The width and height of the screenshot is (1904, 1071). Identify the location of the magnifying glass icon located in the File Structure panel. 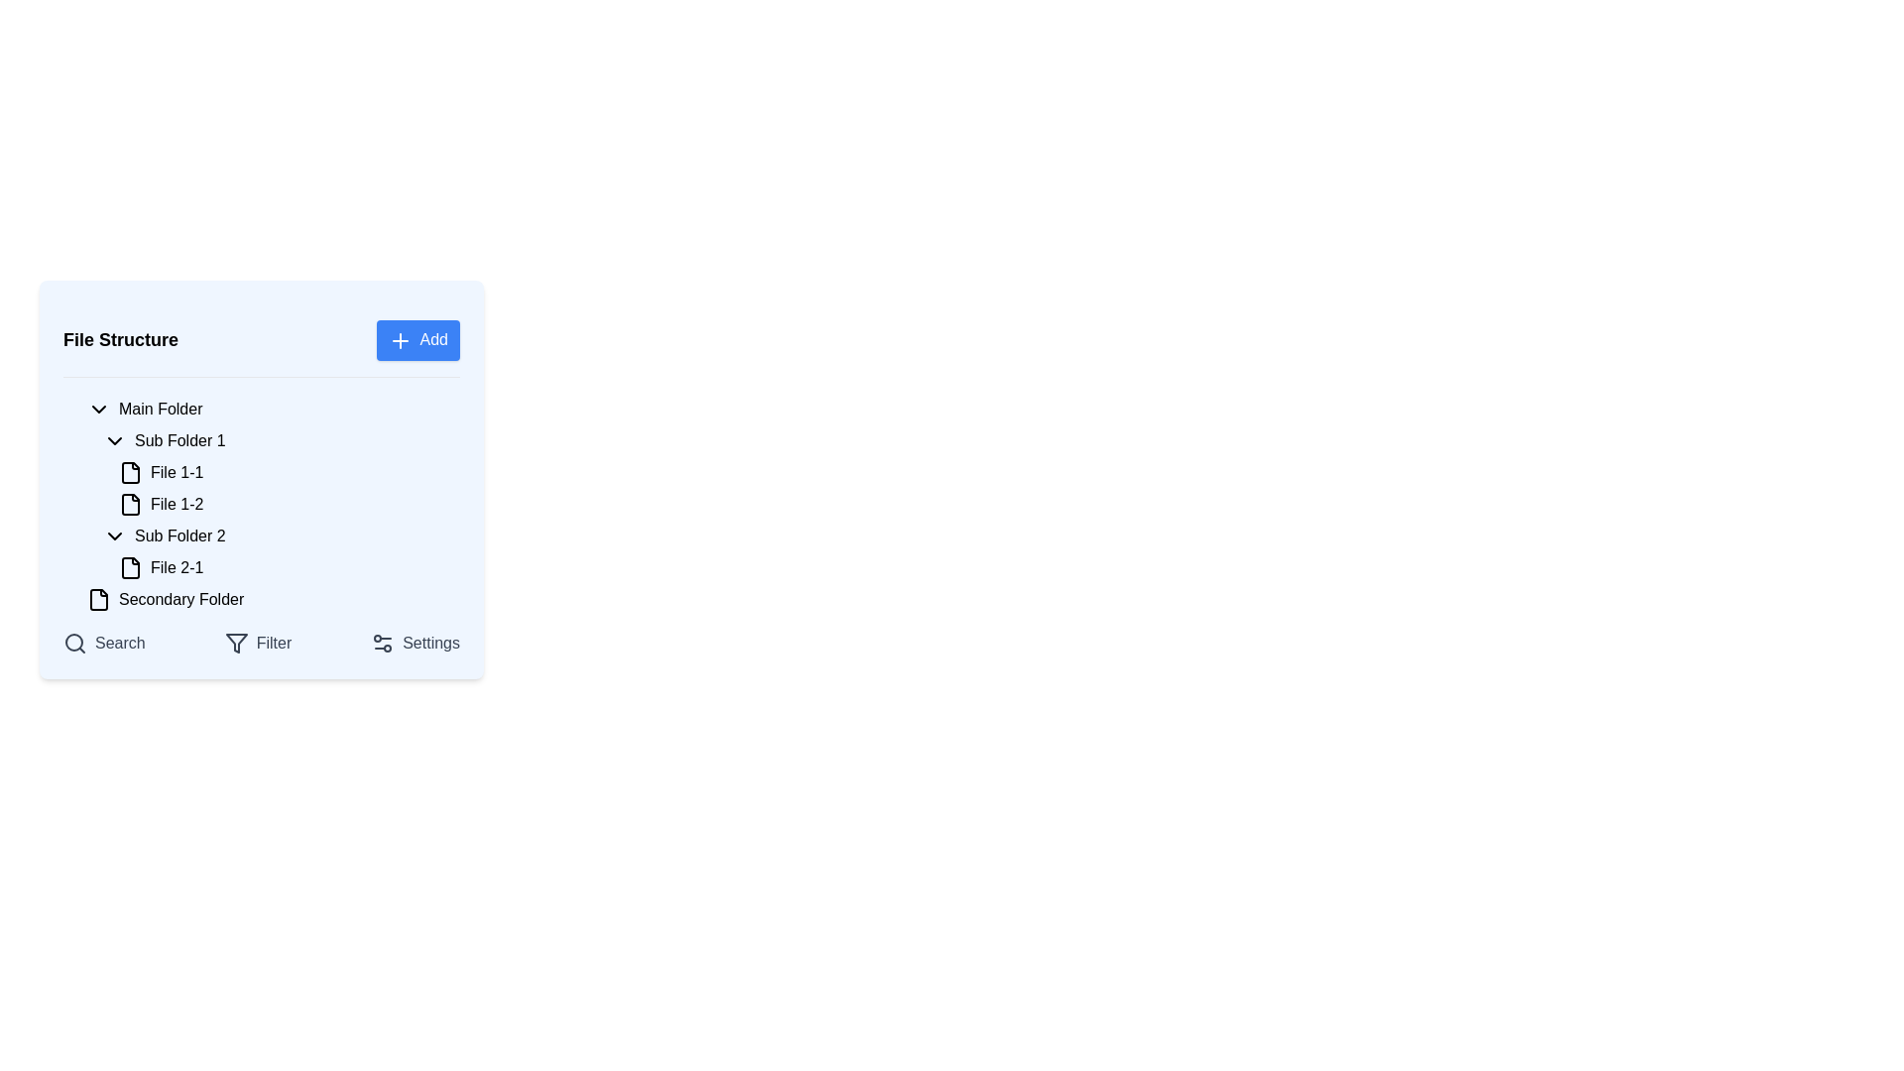
(75, 643).